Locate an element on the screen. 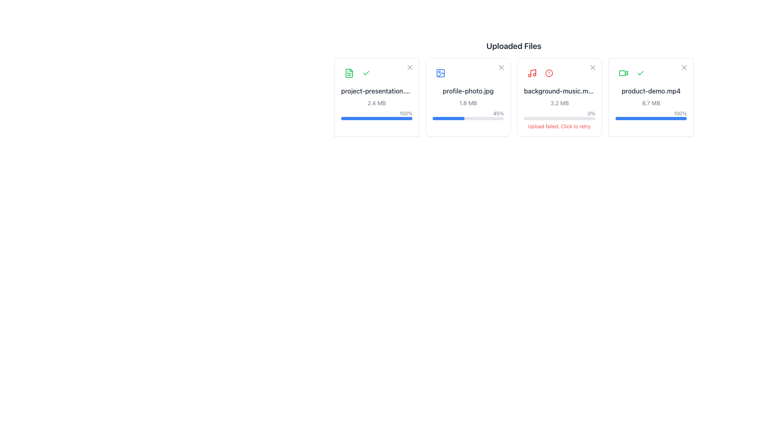  the close button located in the top-right corner of the project-presentation.pdf file upload card is located at coordinates (410, 68).